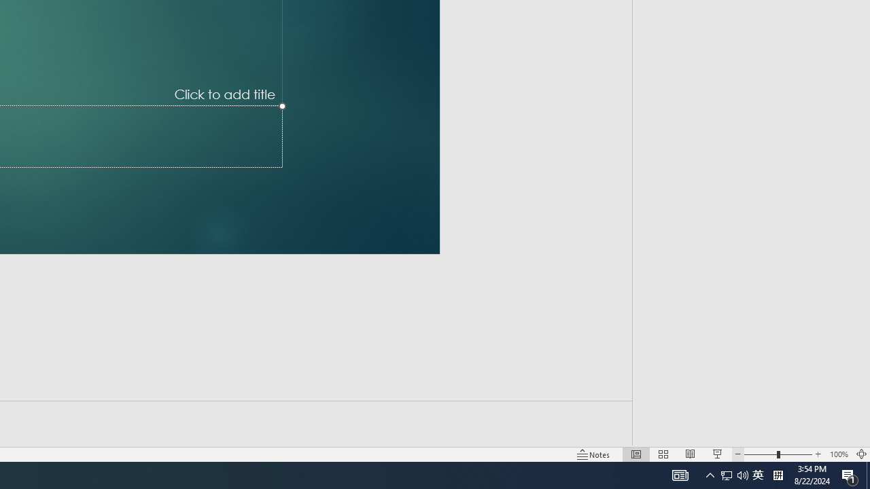 The height and width of the screenshot is (489, 870). Describe the element at coordinates (860, 454) in the screenshot. I see `'Zoom to Fit '` at that location.